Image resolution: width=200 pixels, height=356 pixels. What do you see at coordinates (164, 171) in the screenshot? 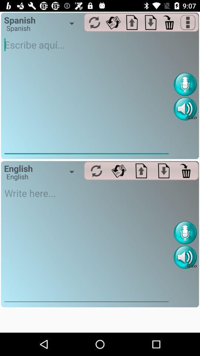
I see `download function` at bounding box center [164, 171].